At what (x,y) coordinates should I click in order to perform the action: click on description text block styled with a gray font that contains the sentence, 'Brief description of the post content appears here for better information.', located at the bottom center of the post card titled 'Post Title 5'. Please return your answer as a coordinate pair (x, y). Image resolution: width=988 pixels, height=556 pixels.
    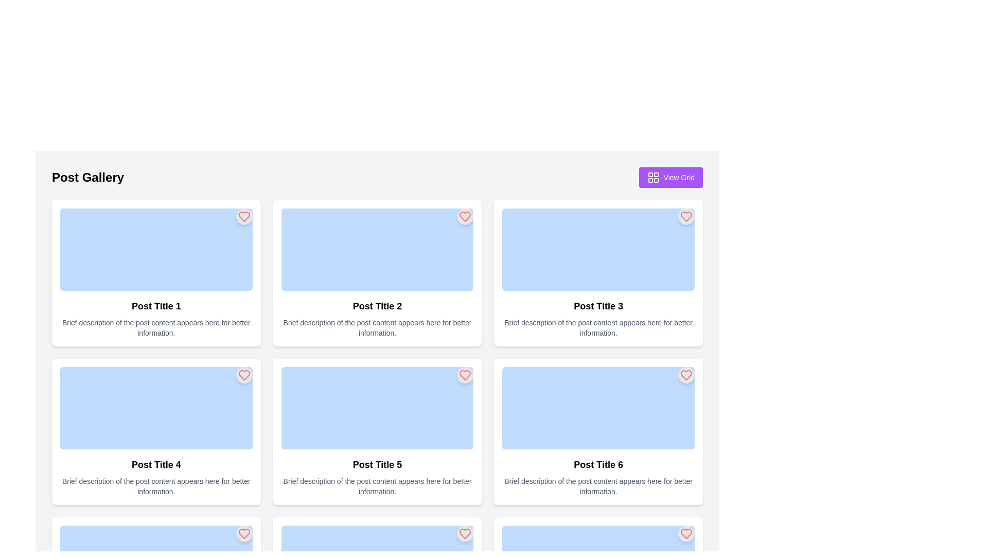
    Looking at the image, I should click on (377, 486).